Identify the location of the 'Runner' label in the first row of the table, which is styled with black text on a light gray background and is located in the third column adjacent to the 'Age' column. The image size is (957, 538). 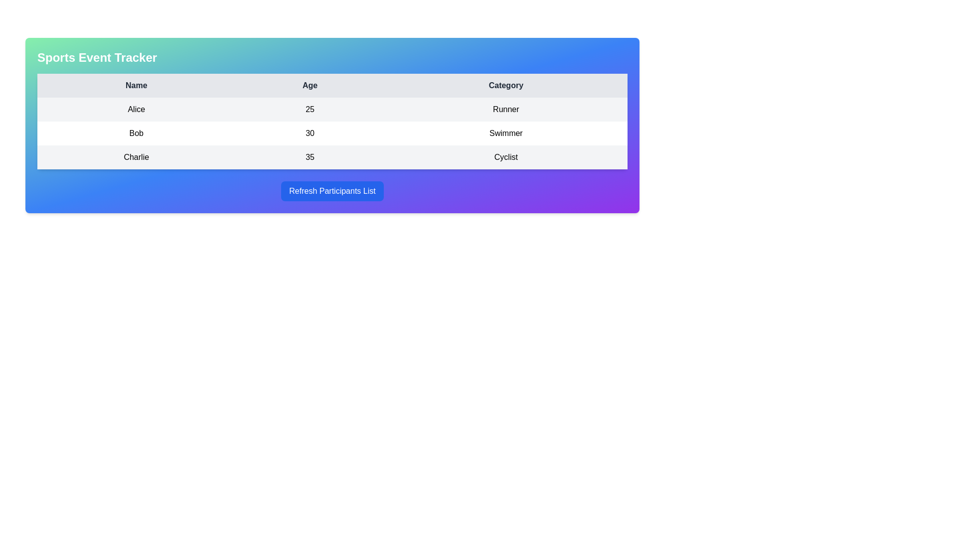
(506, 109).